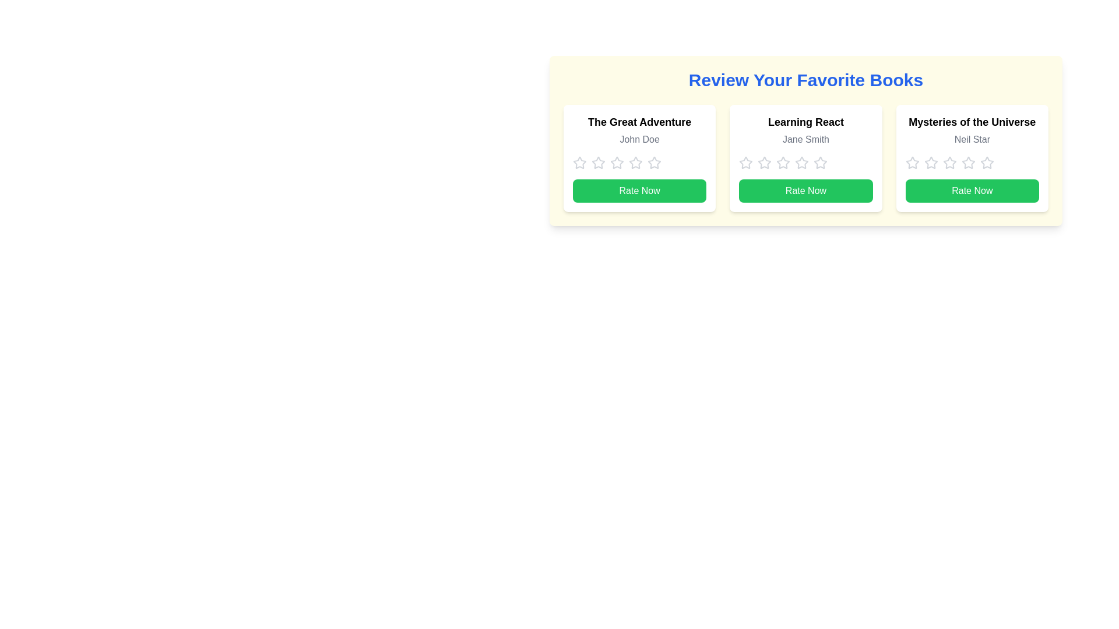 Image resolution: width=1119 pixels, height=629 pixels. I want to click on text display that shows the author or related name for the book titled 'The Great Adventure', located in the first card of a horizontal list of three cards, below the title and above the star rating component, so click(639, 139).